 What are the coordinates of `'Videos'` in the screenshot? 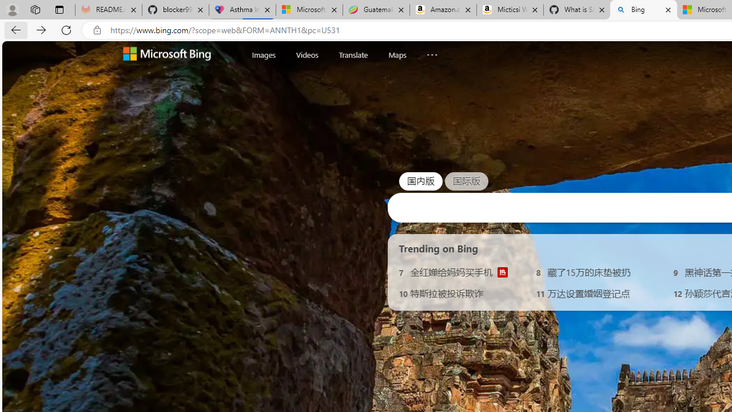 It's located at (307, 54).